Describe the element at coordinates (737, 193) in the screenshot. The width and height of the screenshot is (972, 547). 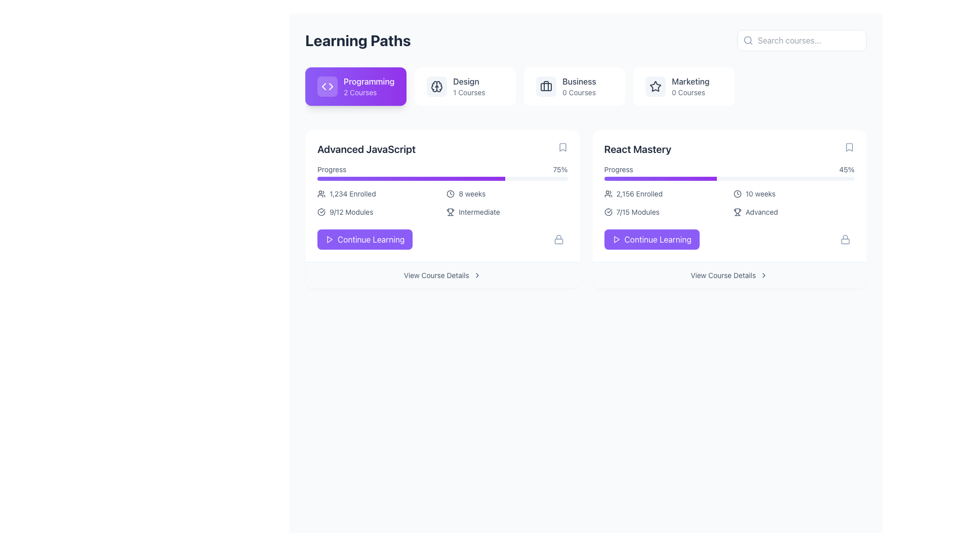
I see `the small clock icon located to the left of the text '10 weeks' in the 'React Mastery' section, which is part of a card box highlighting course details` at that location.